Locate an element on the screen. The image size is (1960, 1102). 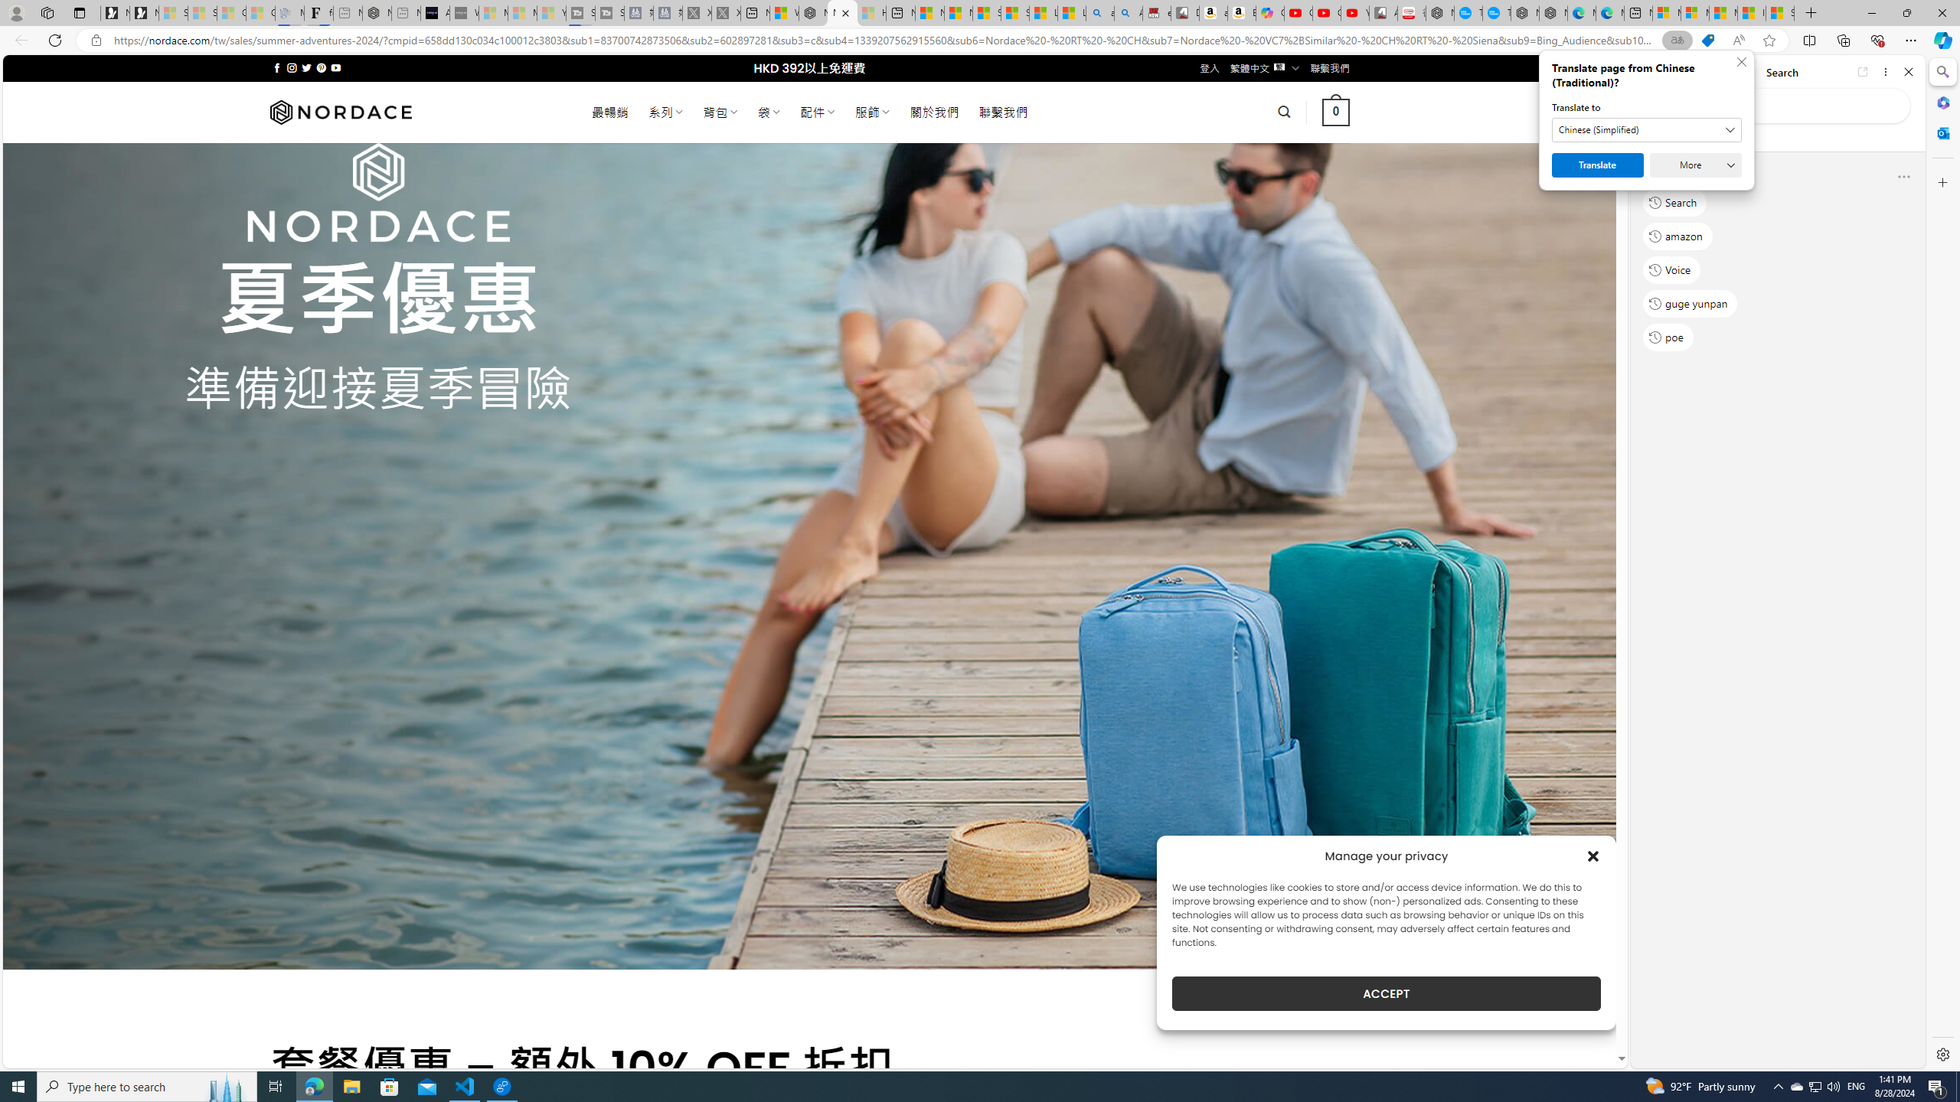
'Forward' is located at coordinates (1672, 71).